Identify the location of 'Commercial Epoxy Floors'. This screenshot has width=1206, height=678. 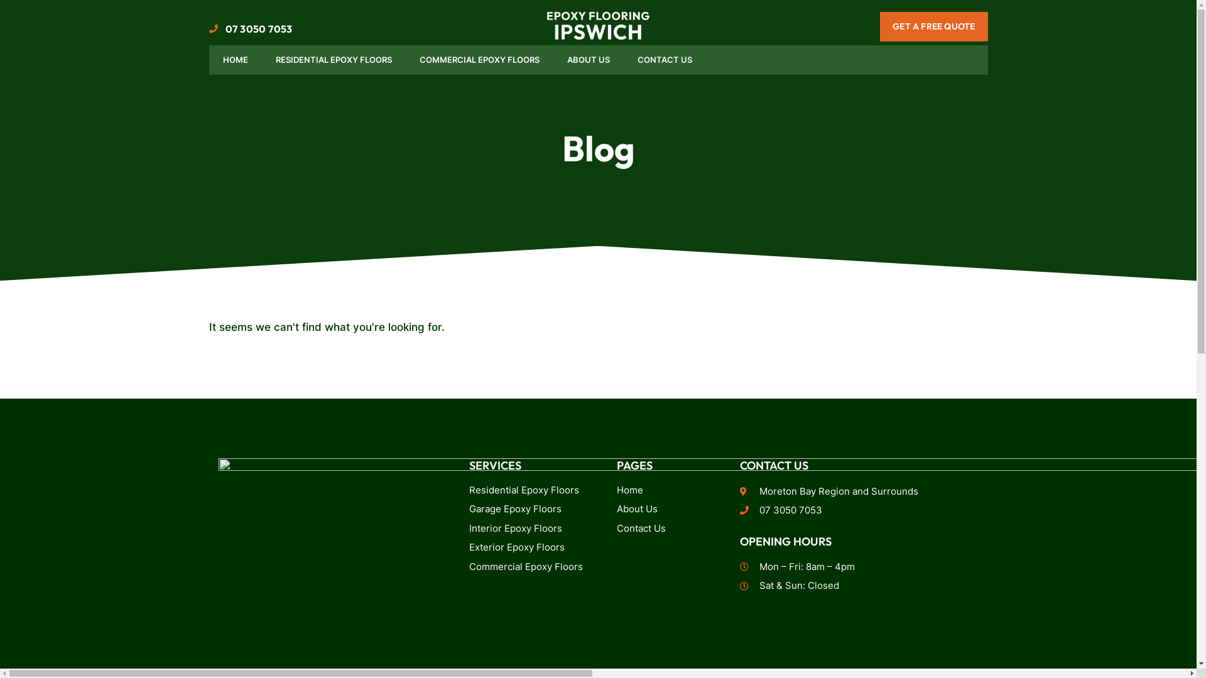
(529, 567).